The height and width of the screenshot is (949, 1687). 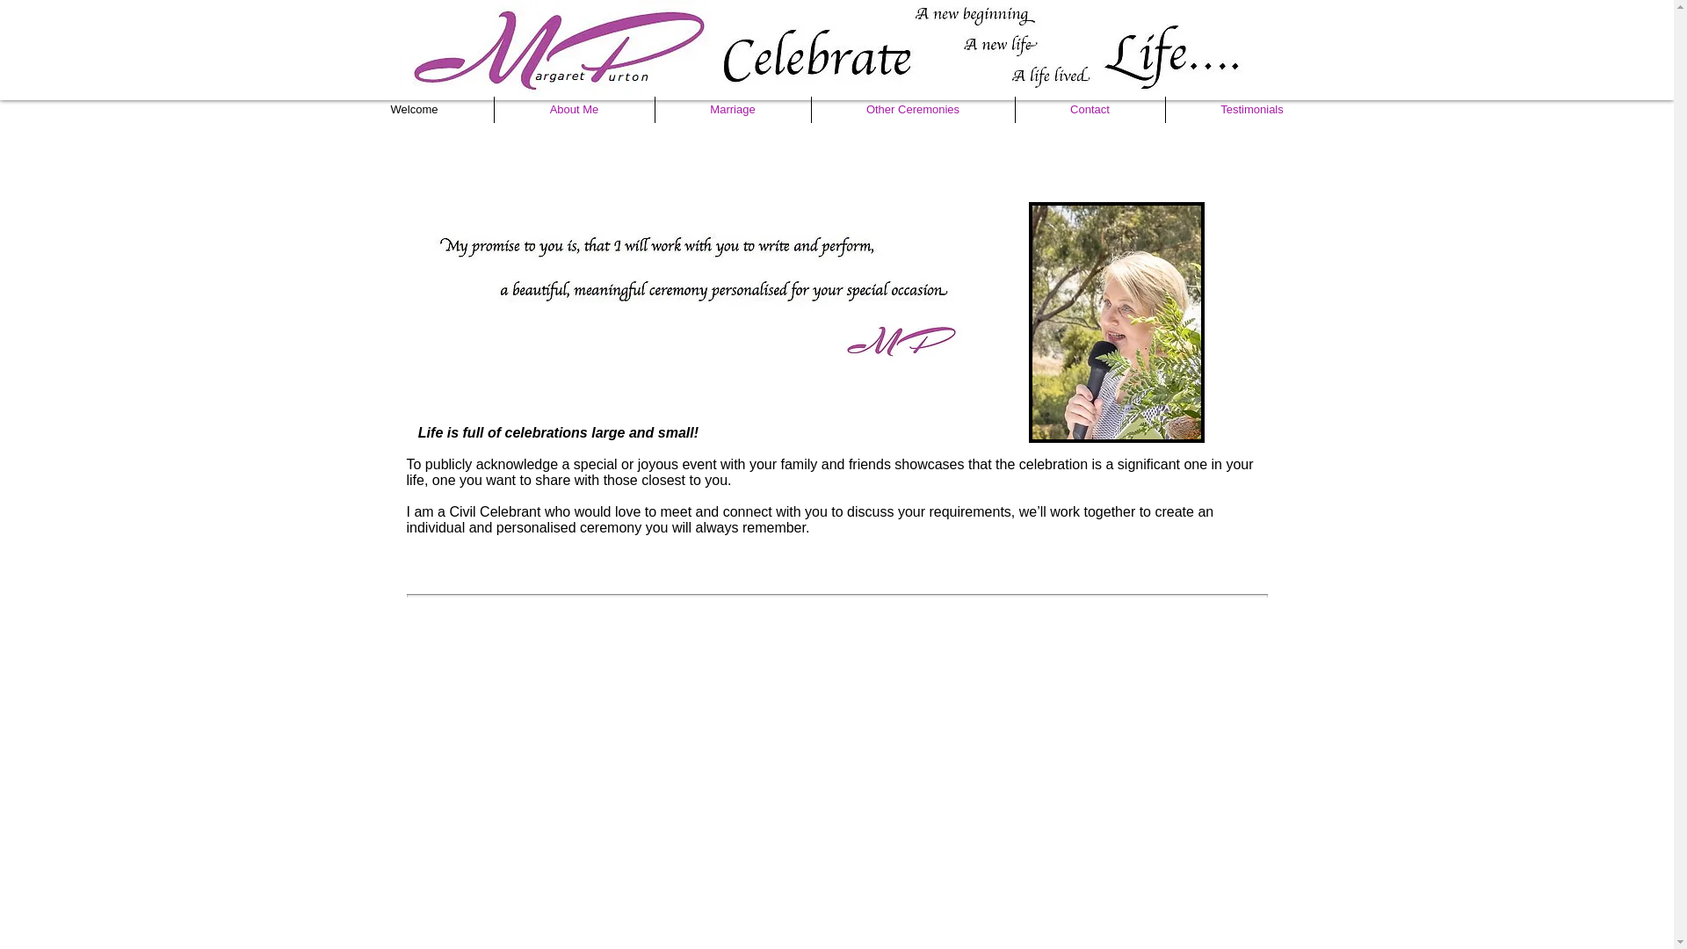 I want to click on 'Marriage', so click(x=733, y=109).